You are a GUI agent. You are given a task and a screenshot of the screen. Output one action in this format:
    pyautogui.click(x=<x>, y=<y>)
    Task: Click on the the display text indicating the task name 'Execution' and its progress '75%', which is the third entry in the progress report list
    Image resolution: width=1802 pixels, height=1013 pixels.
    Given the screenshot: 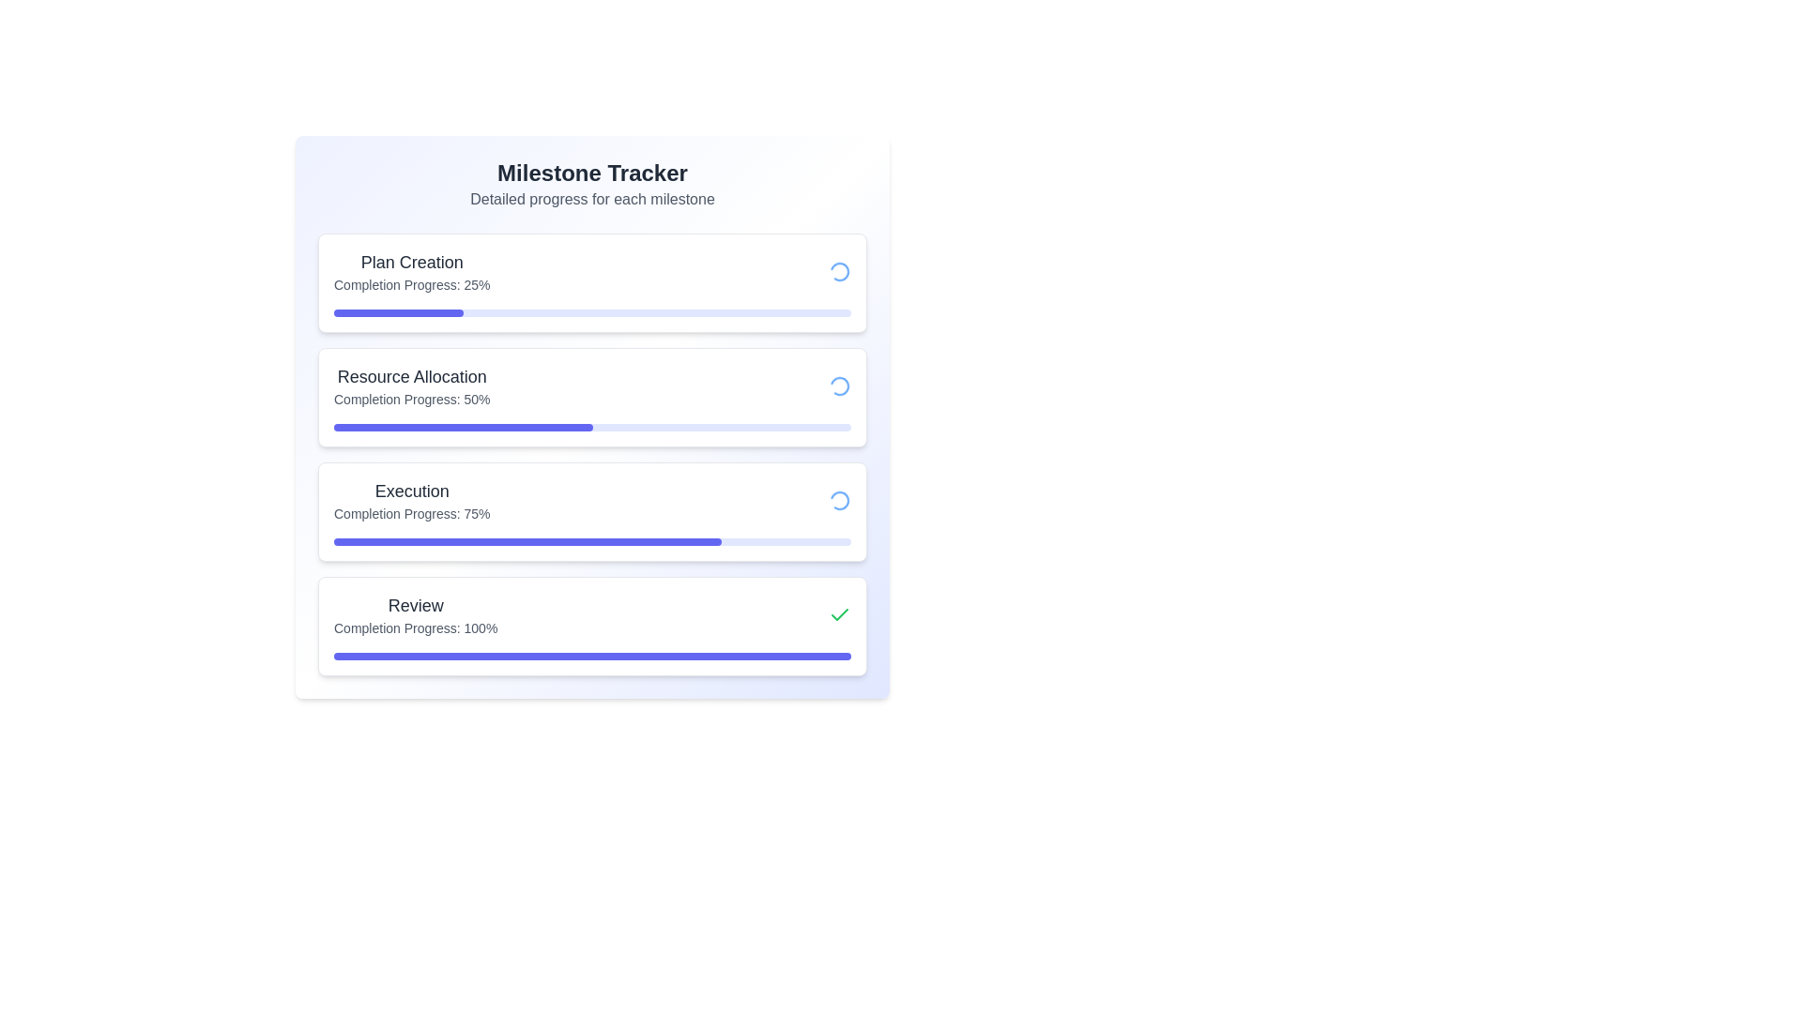 What is the action you would take?
    pyautogui.click(x=411, y=499)
    